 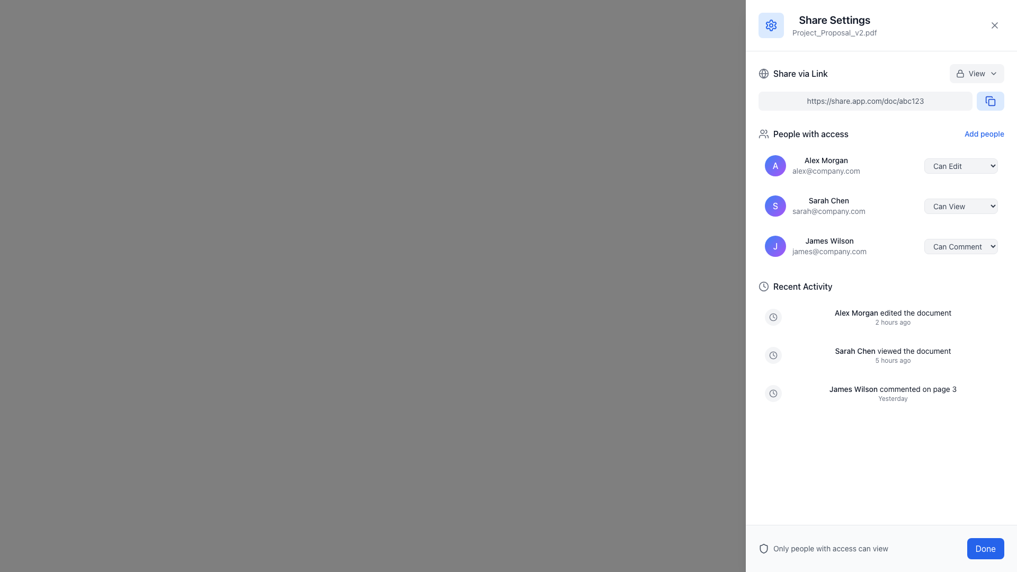 What do you see at coordinates (763, 548) in the screenshot?
I see `the security icon (shield symbol) located at the bottom left of the panel, aligned with the text 'Only people with access can view.'` at bounding box center [763, 548].